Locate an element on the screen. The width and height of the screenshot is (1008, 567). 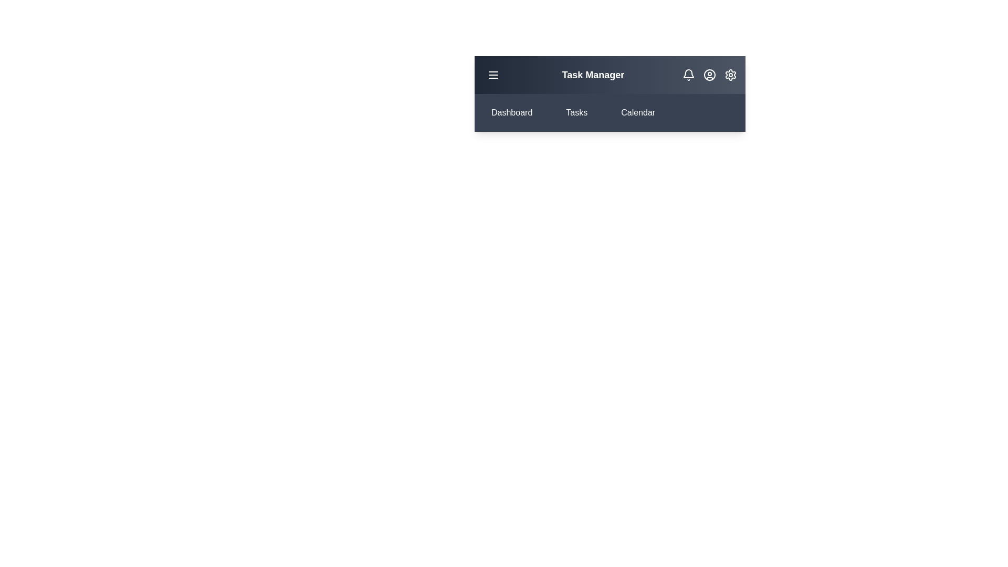
the notification bell icon to interact with it is located at coordinates (688, 74).